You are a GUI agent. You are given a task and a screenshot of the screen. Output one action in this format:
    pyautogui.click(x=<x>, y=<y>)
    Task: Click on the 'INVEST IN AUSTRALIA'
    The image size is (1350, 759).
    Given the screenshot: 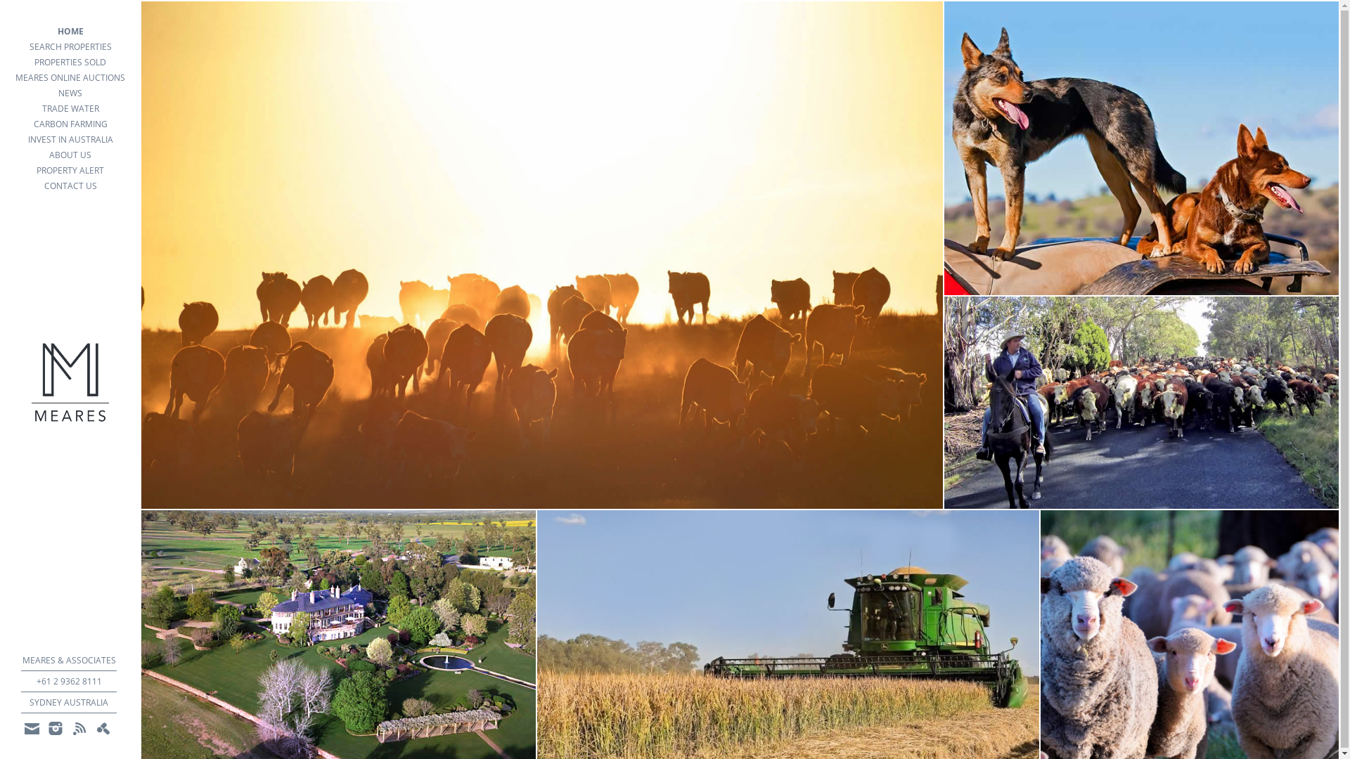 What is the action you would take?
    pyautogui.click(x=70, y=140)
    